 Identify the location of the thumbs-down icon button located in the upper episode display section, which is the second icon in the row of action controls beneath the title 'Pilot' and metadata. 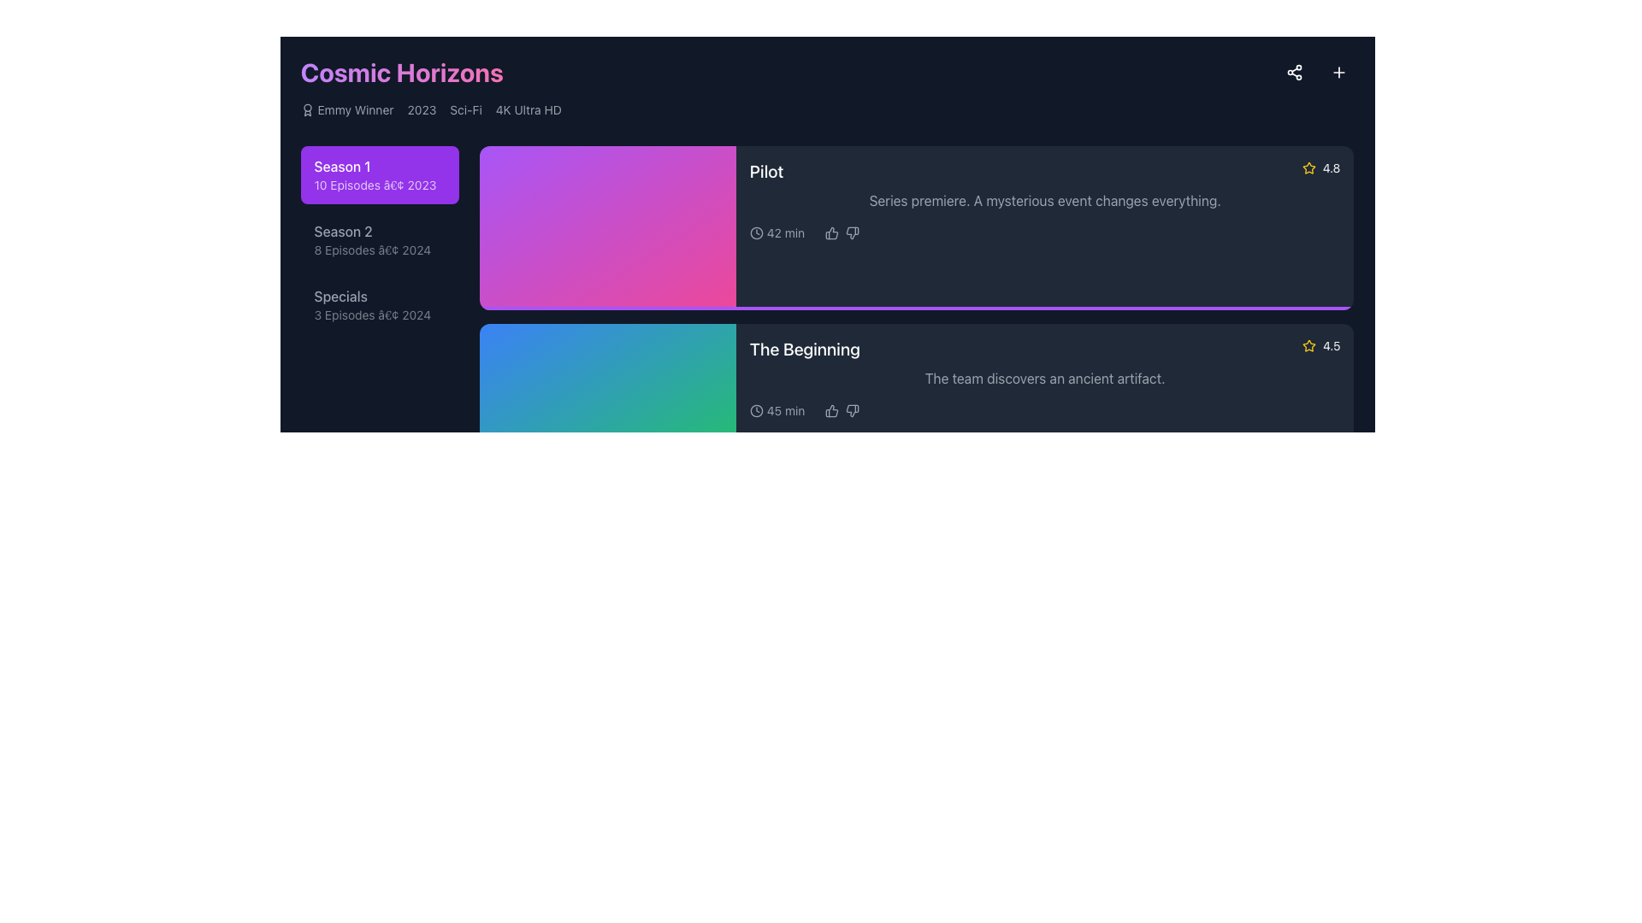
(853, 233).